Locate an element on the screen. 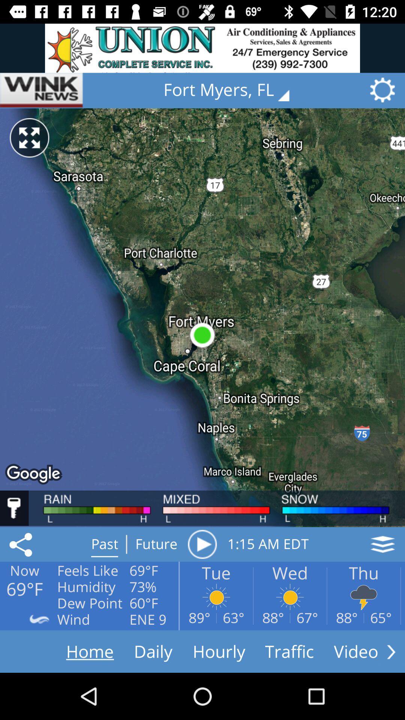 This screenshot has width=405, height=720. the arrow_forward icon is located at coordinates (391, 651).